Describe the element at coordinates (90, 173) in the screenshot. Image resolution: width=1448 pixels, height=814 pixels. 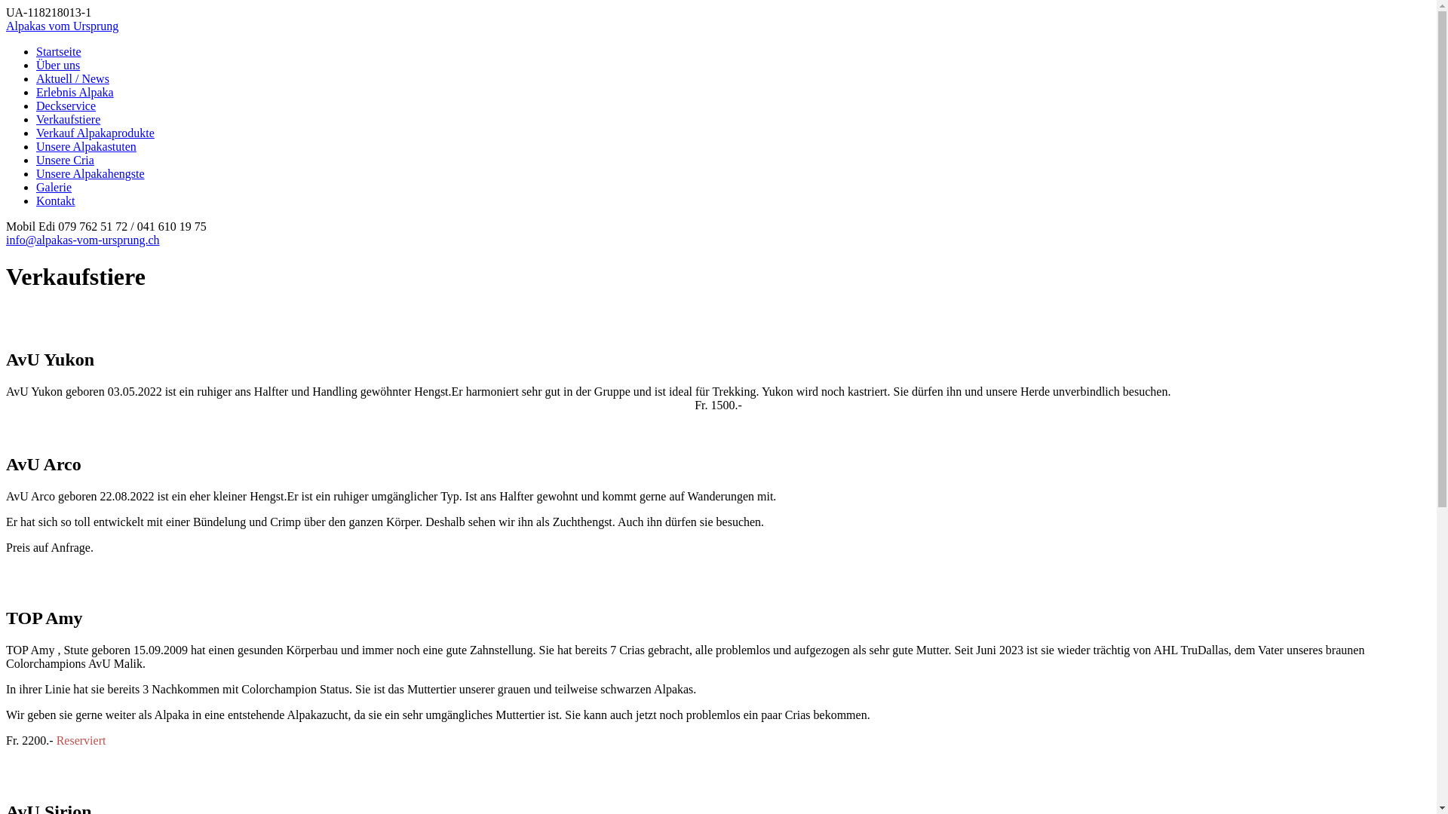
I see `'Unsere Alpakahengste'` at that location.